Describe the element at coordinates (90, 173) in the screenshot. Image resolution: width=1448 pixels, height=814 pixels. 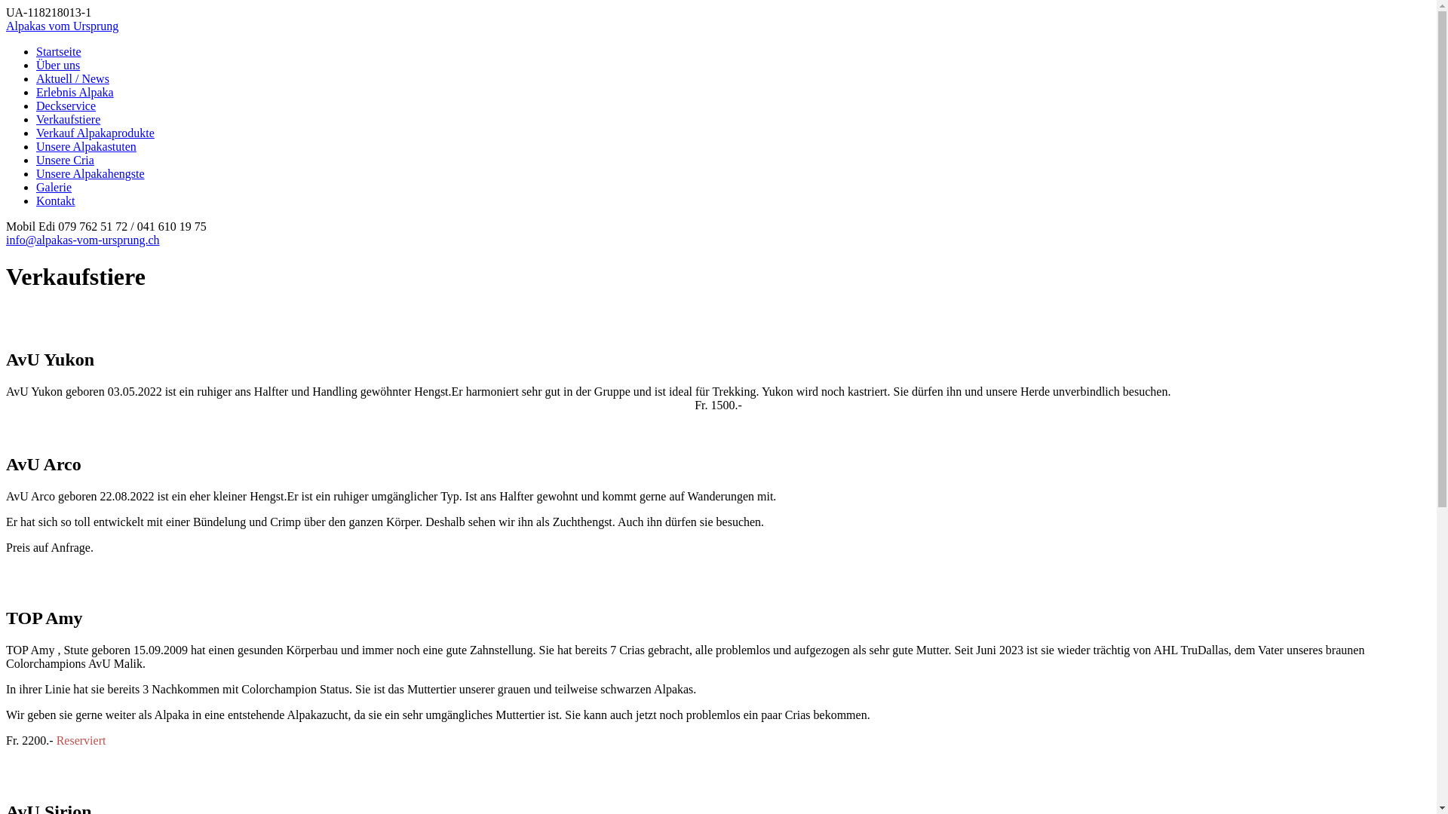
I see `'Unsere Alpakahengste'` at that location.